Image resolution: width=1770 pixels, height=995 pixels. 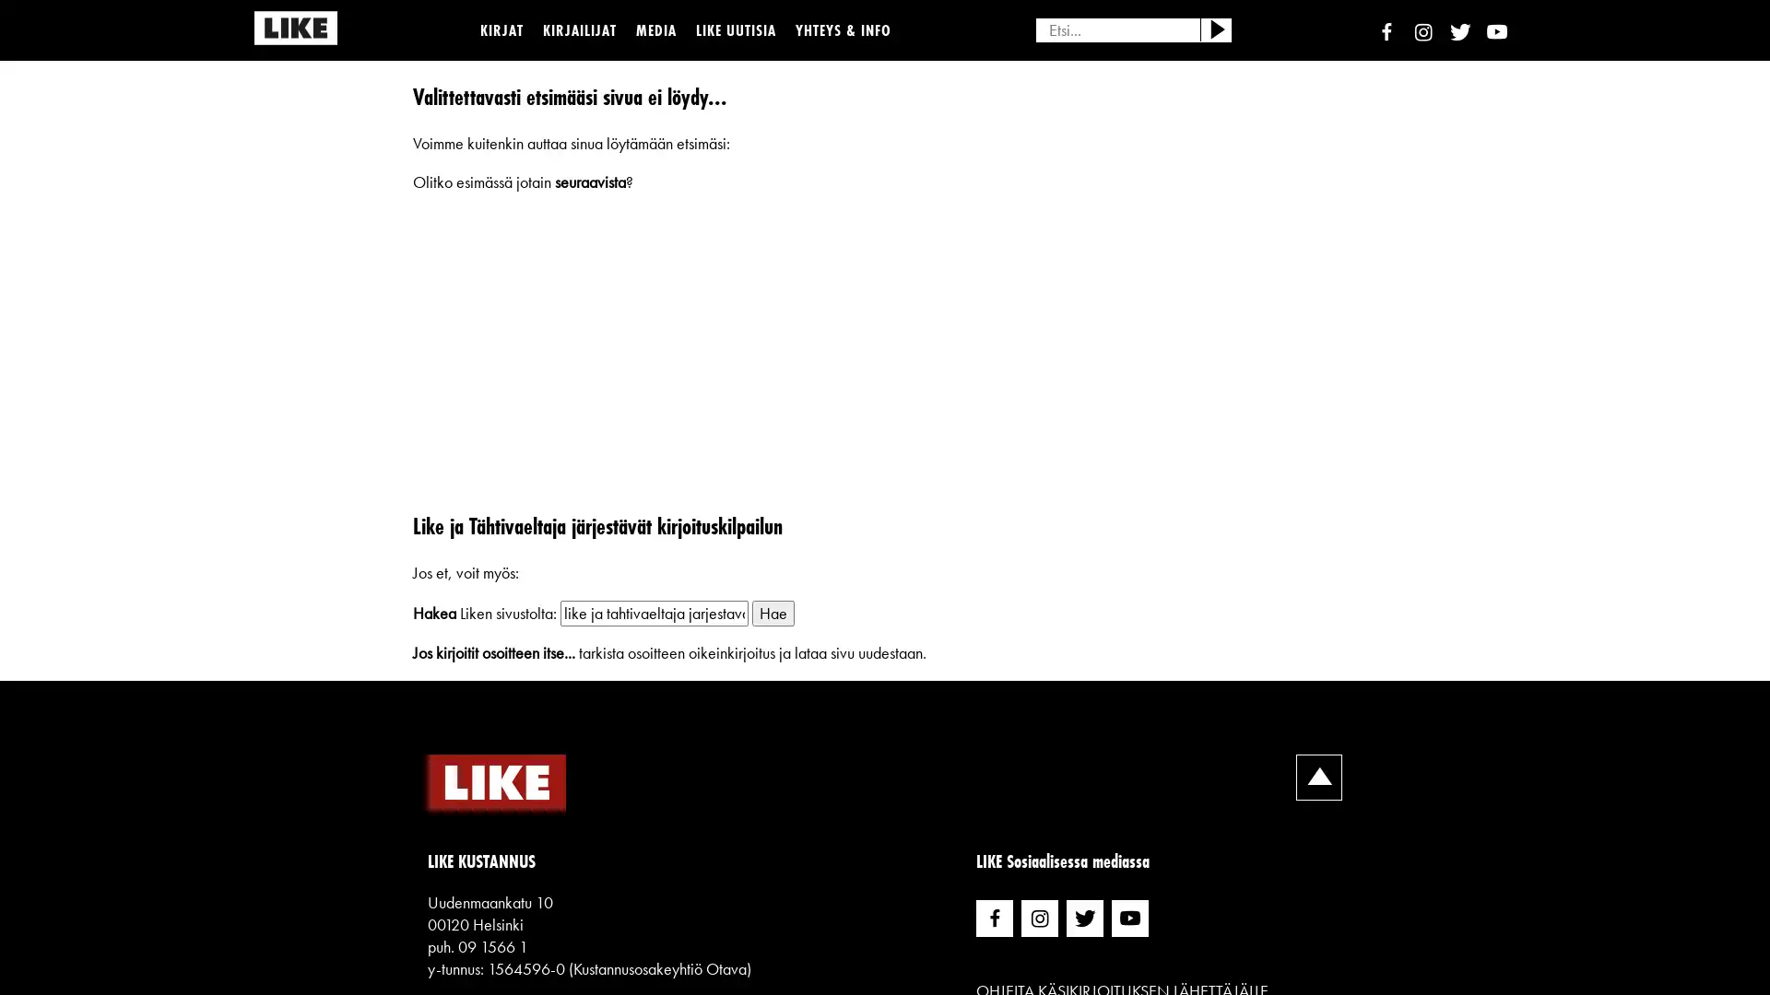 I want to click on Hae, so click(x=773, y=612).